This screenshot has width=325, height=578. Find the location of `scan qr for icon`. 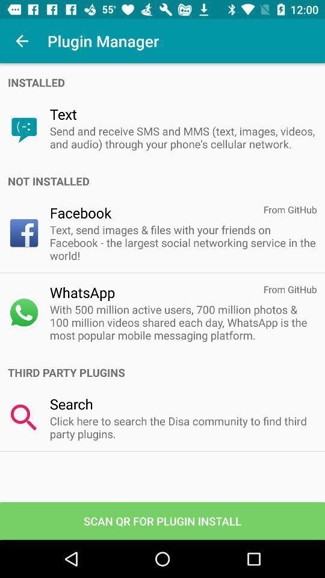

scan qr for icon is located at coordinates (162, 520).